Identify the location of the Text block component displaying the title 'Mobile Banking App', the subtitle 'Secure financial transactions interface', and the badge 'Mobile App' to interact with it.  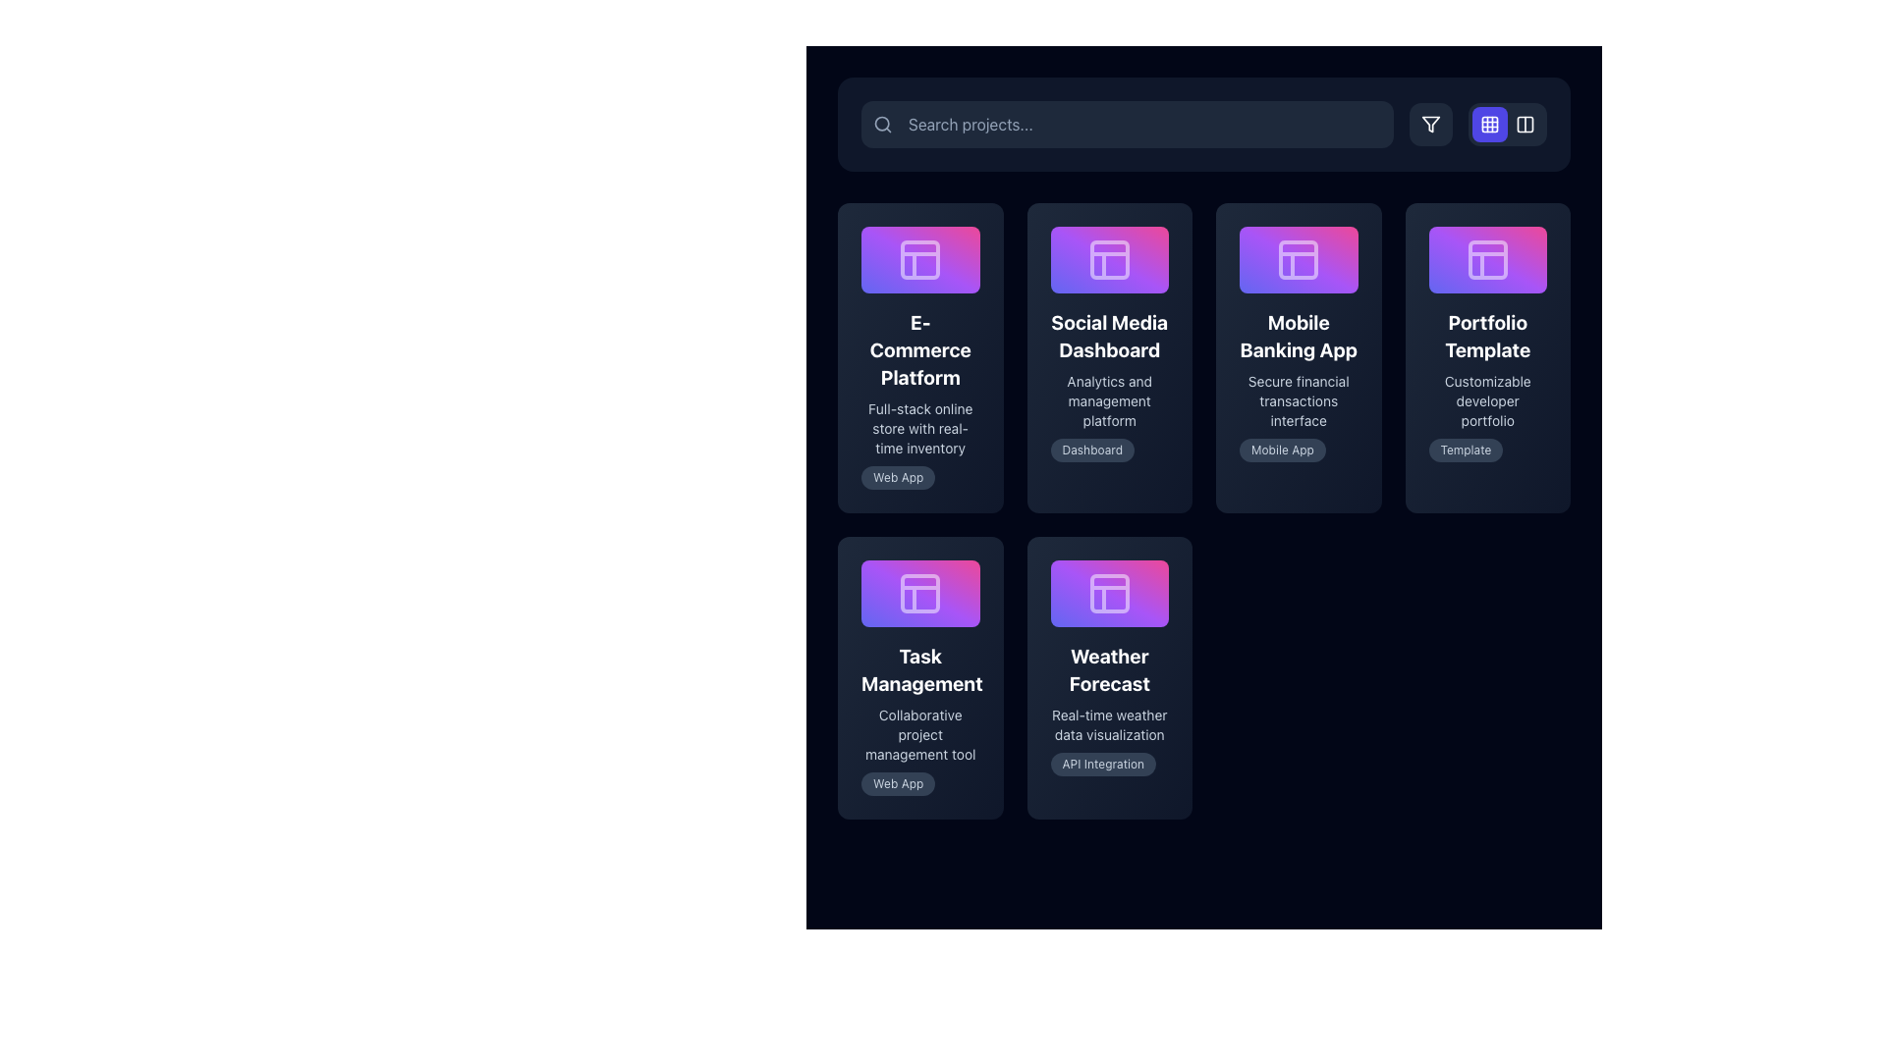
(1299, 385).